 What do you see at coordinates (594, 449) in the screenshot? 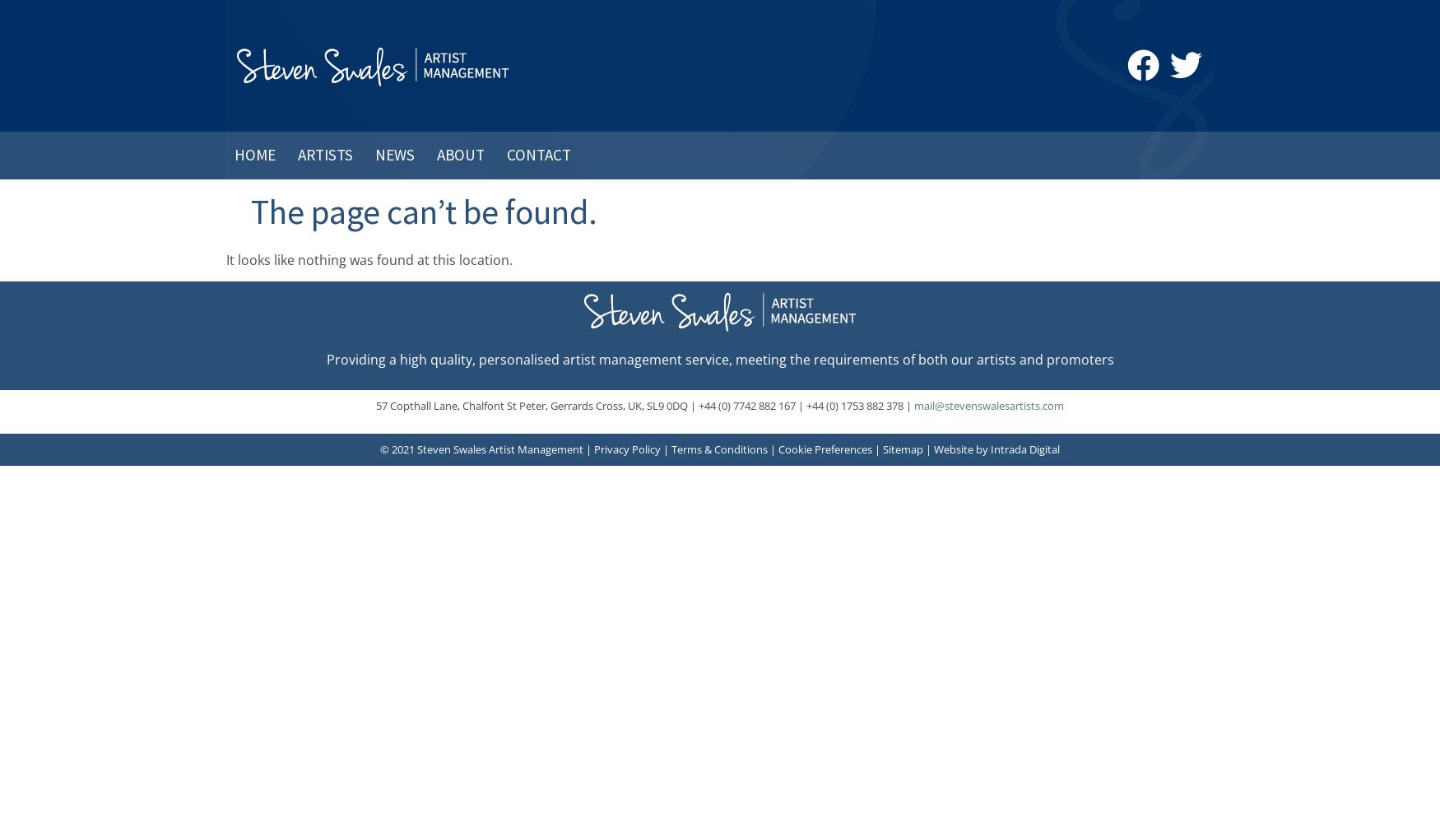
I see `'Privacy Policy'` at bounding box center [594, 449].